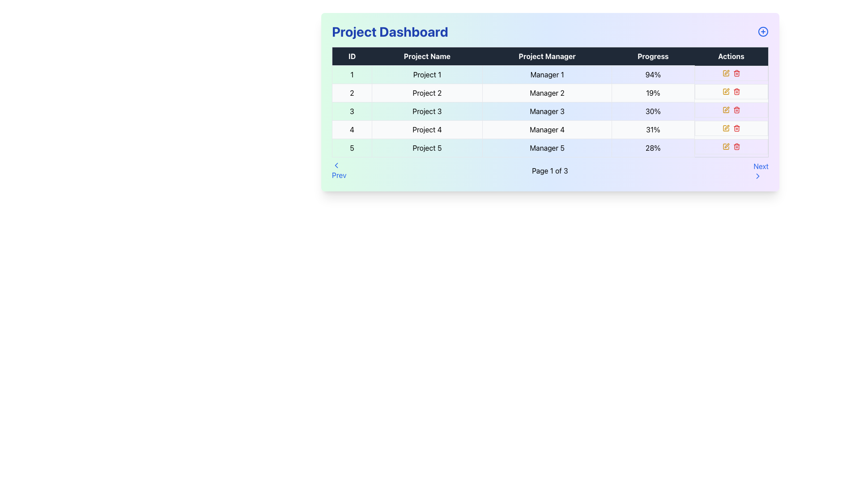 Image resolution: width=859 pixels, height=483 pixels. Describe the element at coordinates (549, 129) in the screenshot. I see `the fourth table row containing the entries '4', 'Project 4', 'Manager 4', and '31%', located in the Project Dashboard table` at that location.